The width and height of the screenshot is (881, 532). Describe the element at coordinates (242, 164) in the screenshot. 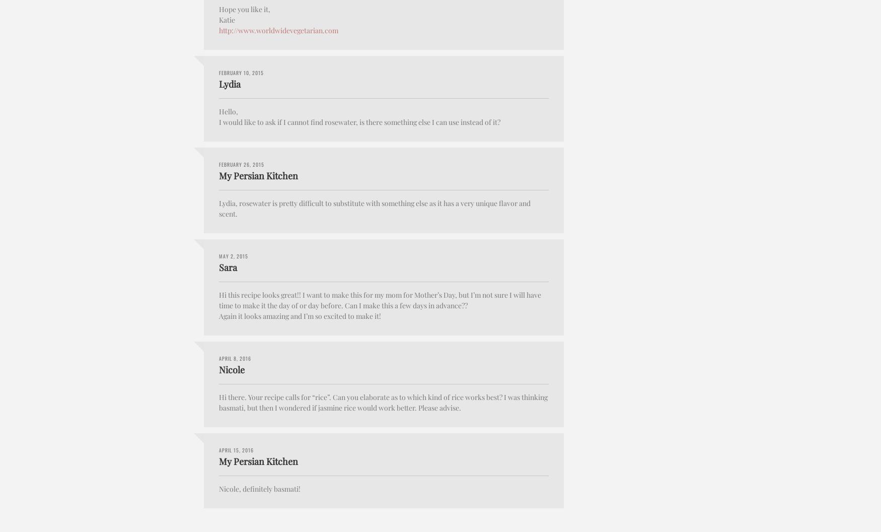

I see `'February 26, 2015'` at that location.